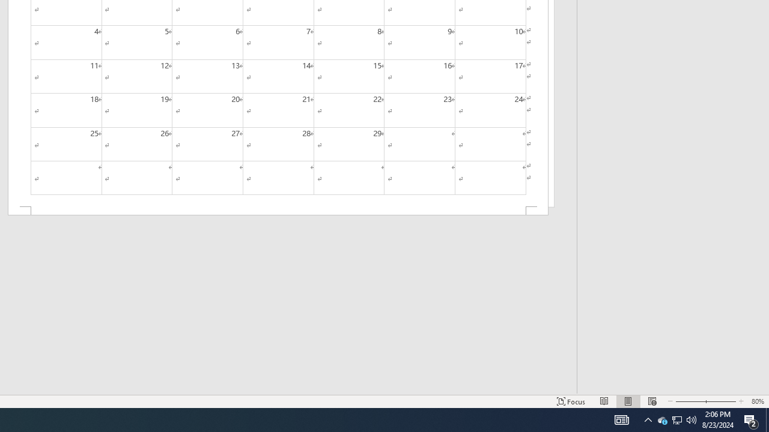  What do you see at coordinates (604, 401) in the screenshot?
I see `'Read Mode'` at bounding box center [604, 401].